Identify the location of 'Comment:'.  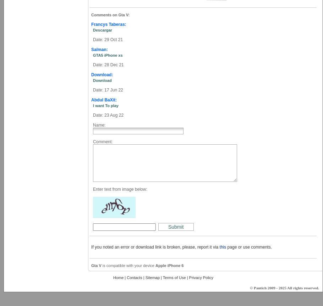
(102, 142).